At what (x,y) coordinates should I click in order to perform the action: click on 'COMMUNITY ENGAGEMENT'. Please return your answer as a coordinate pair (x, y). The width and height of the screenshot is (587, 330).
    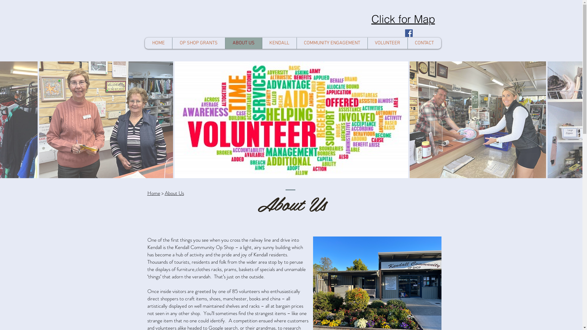
    Looking at the image, I should click on (331, 43).